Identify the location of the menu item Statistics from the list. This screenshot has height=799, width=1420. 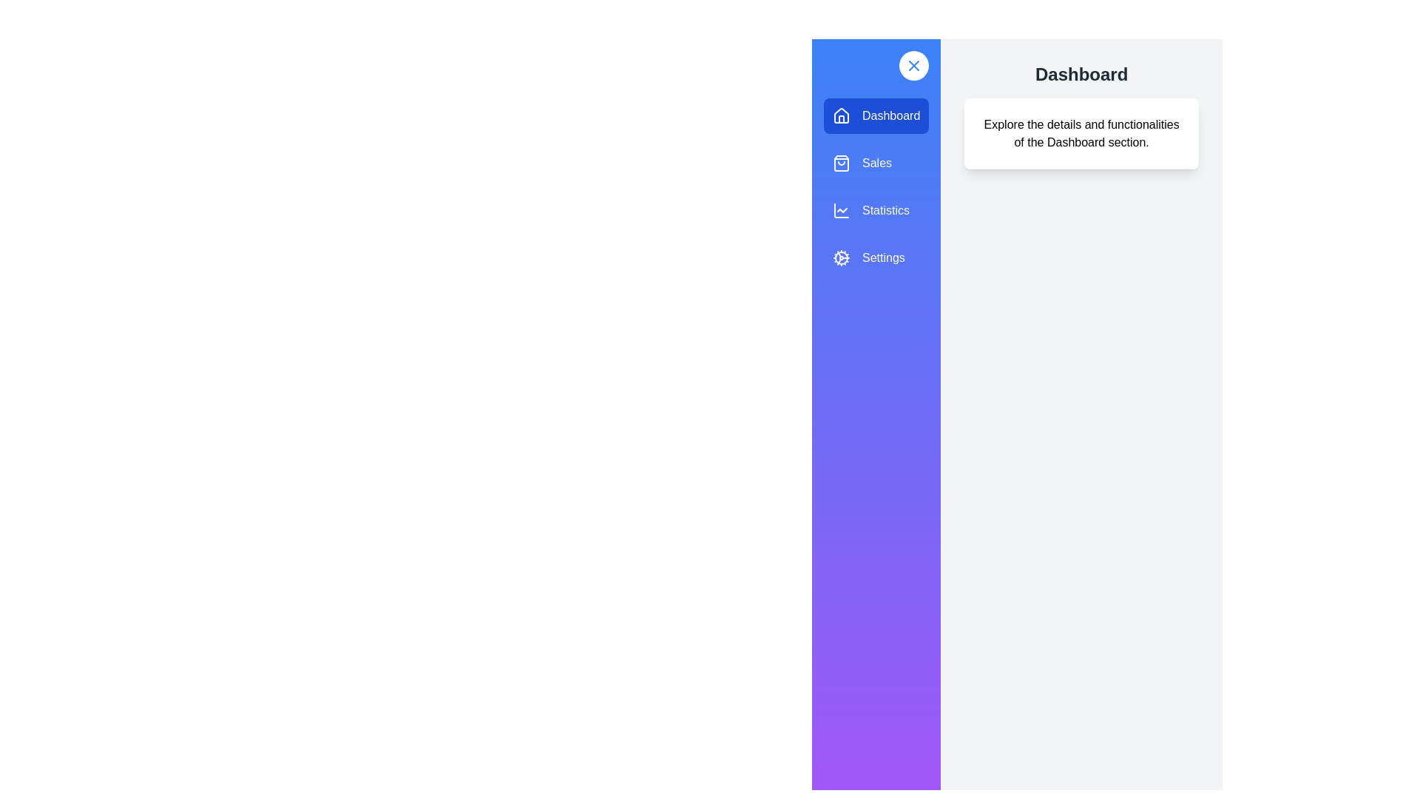
(876, 211).